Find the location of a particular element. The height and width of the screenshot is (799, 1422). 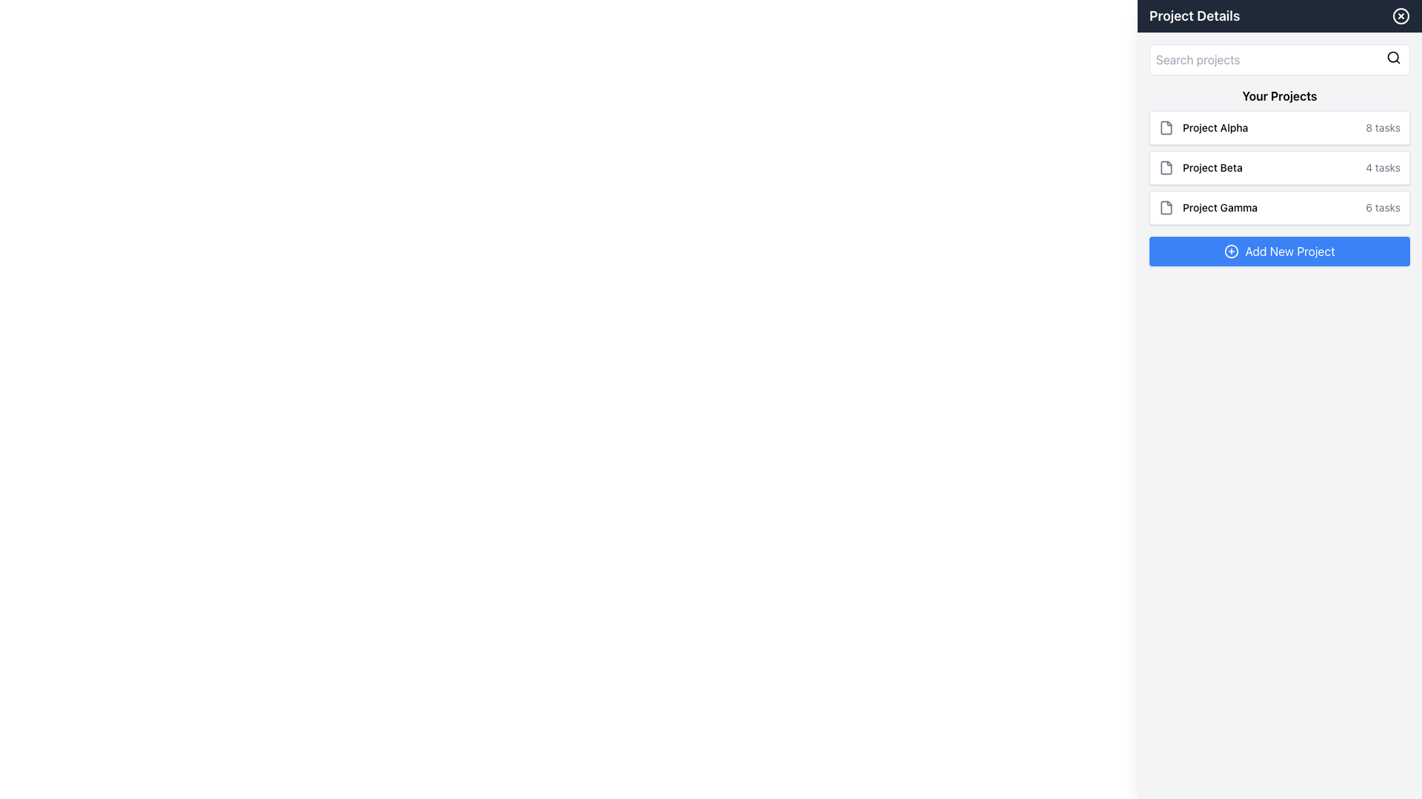

to select the project card labeled 'Project Gamma', which is the third item in the list of projects under 'Your Projects' is located at coordinates (1279, 208).